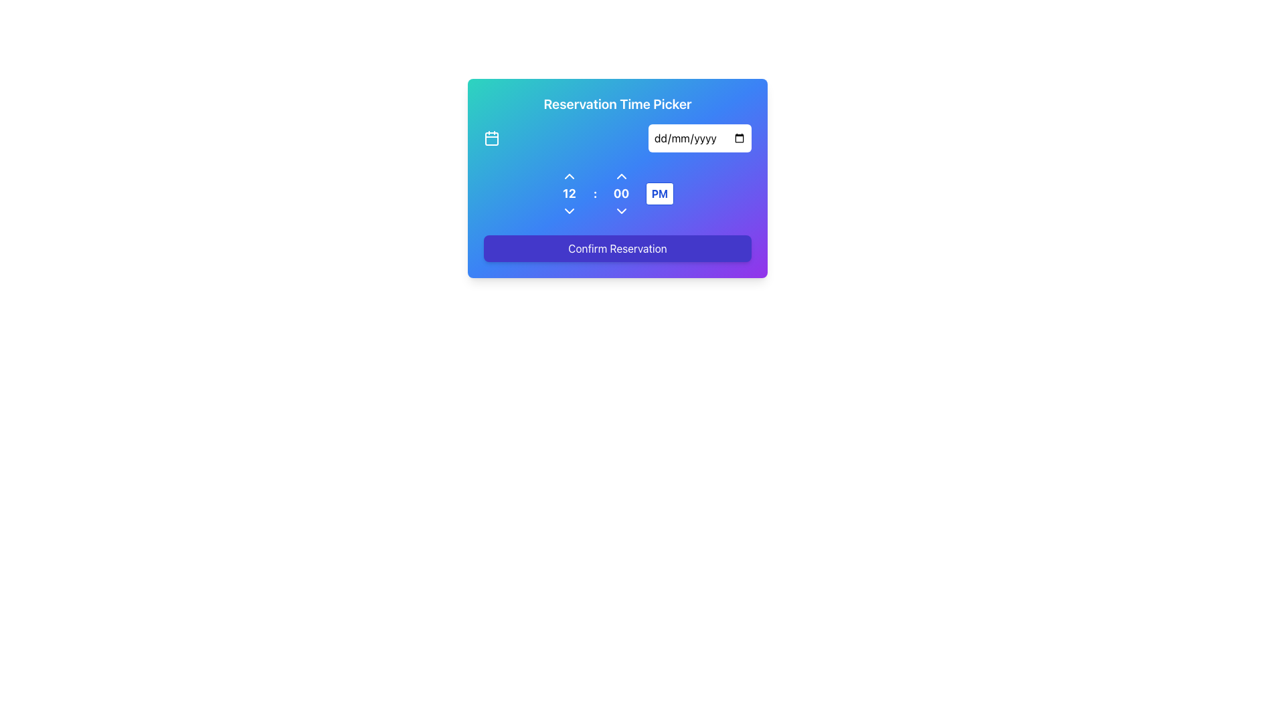 Image resolution: width=1285 pixels, height=722 pixels. I want to click on the upward arrow of the Time picker hour selector element to increase the hour value, so click(569, 193).